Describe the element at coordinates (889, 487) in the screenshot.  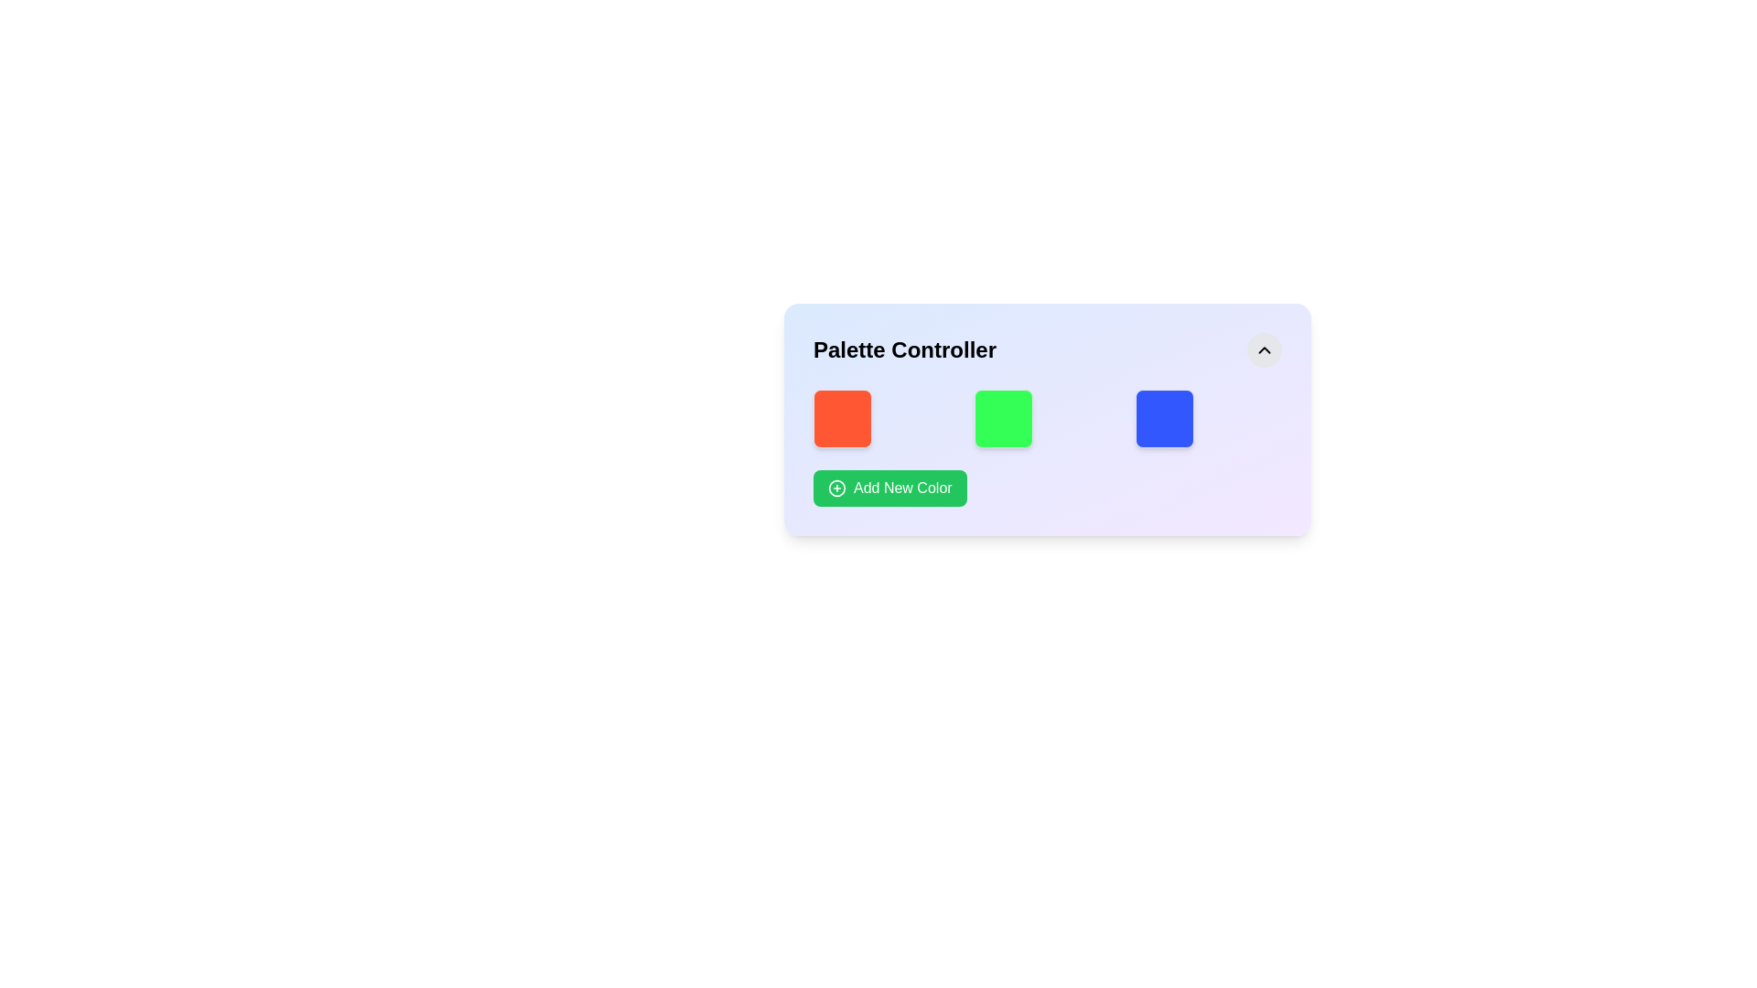
I see `the distinct green button labeled 'Add New Color' with a plus icon` at that location.